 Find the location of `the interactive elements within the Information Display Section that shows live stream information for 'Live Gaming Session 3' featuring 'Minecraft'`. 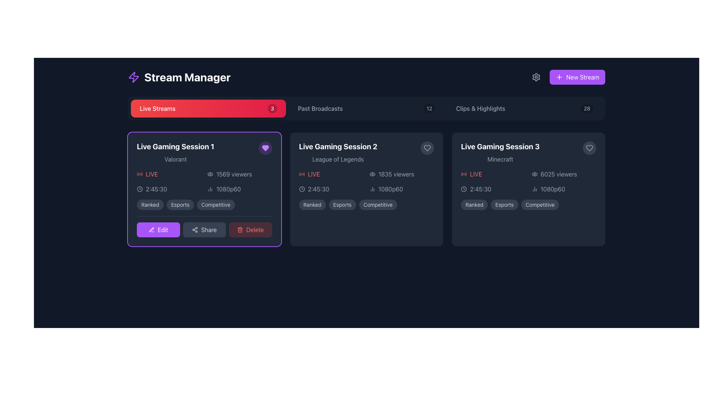

the interactive elements within the Information Display Section that shows live stream information for 'Live Gaming Session 3' featuring 'Minecraft' is located at coordinates (528, 181).